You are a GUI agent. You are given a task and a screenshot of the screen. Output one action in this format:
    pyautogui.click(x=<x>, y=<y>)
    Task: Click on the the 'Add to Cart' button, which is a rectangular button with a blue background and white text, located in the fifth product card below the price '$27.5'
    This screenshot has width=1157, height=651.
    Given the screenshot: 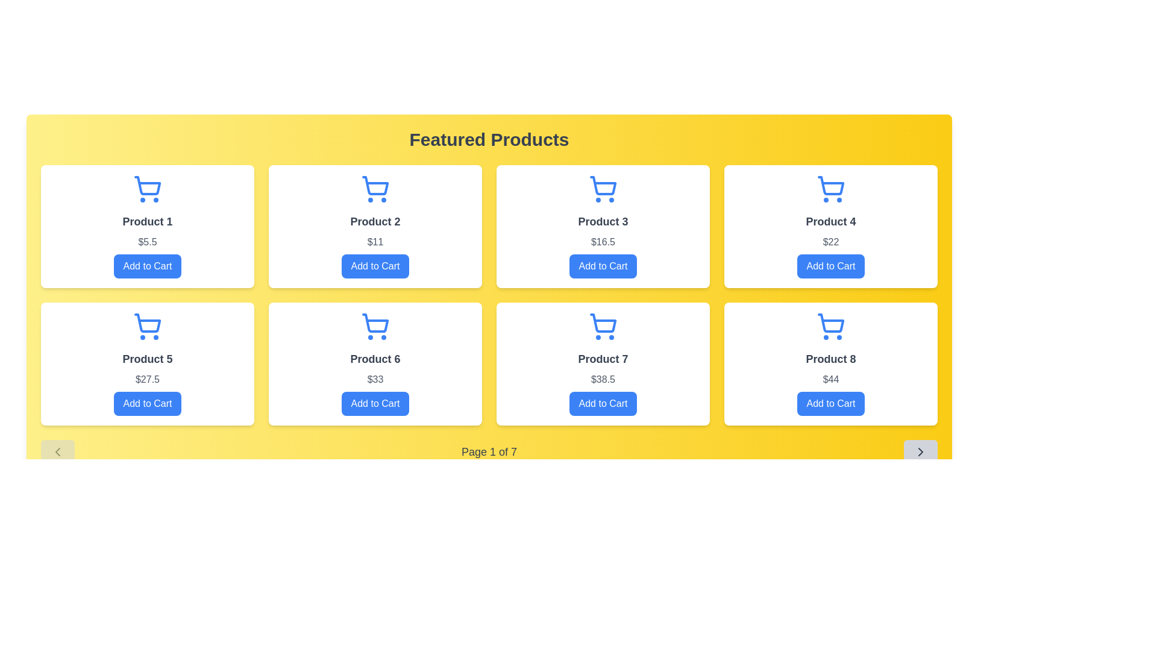 What is the action you would take?
    pyautogui.click(x=146, y=404)
    